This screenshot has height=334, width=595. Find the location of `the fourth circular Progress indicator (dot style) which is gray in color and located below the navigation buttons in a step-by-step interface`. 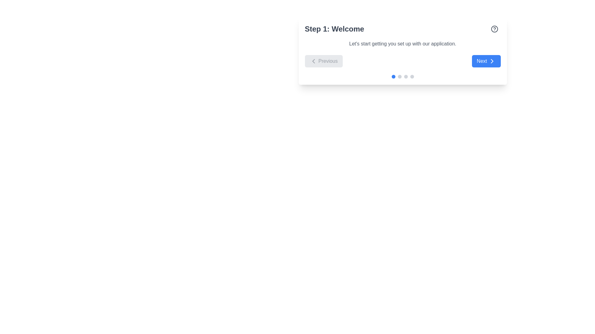

the fourth circular Progress indicator (dot style) which is gray in color and located below the navigation buttons in a step-by-step interface is located at coordinates (412, 76).